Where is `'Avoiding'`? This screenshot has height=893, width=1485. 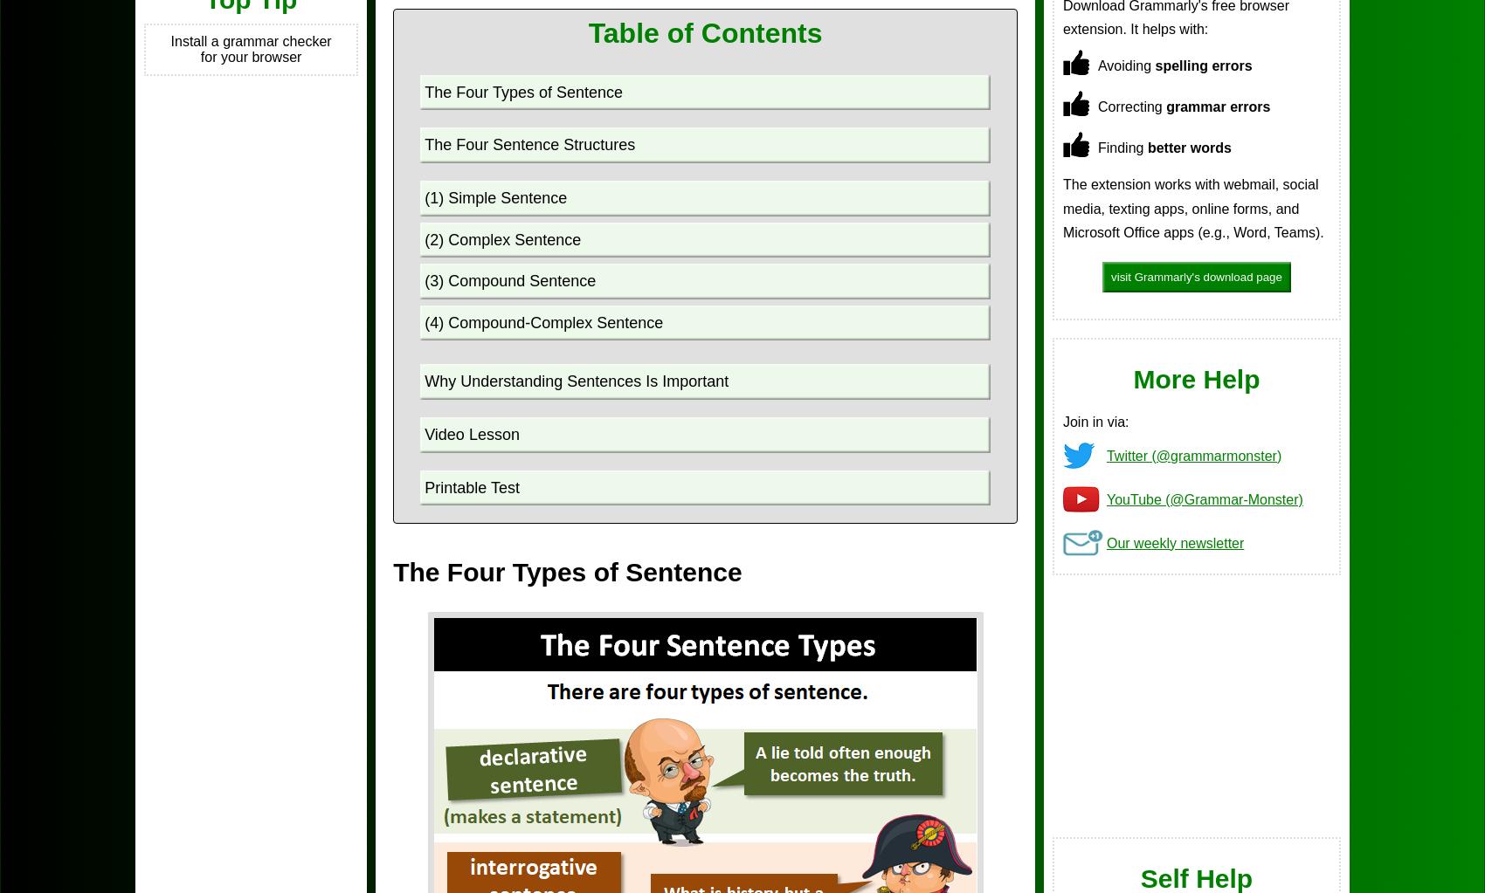
'Avoiding' is located at coordinates (1125, 65).